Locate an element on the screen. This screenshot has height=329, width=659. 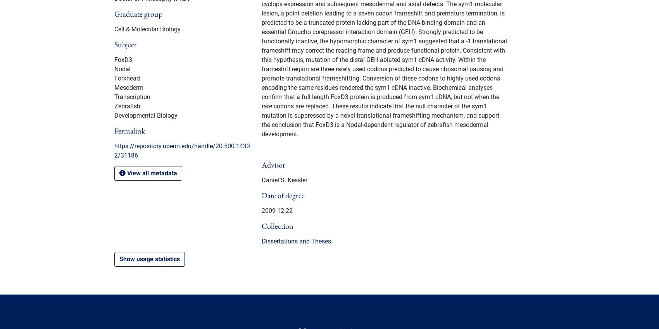
'https://repository.upenn.edu/handle/20.500.14332/31186' is located at coordinates (182, 150).